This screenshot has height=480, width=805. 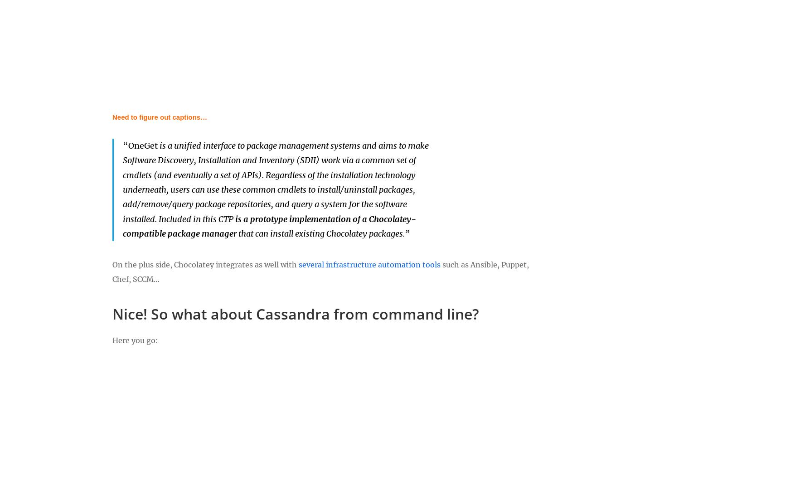 I want to click on 'Here you go:', so click(x=112, y=340).